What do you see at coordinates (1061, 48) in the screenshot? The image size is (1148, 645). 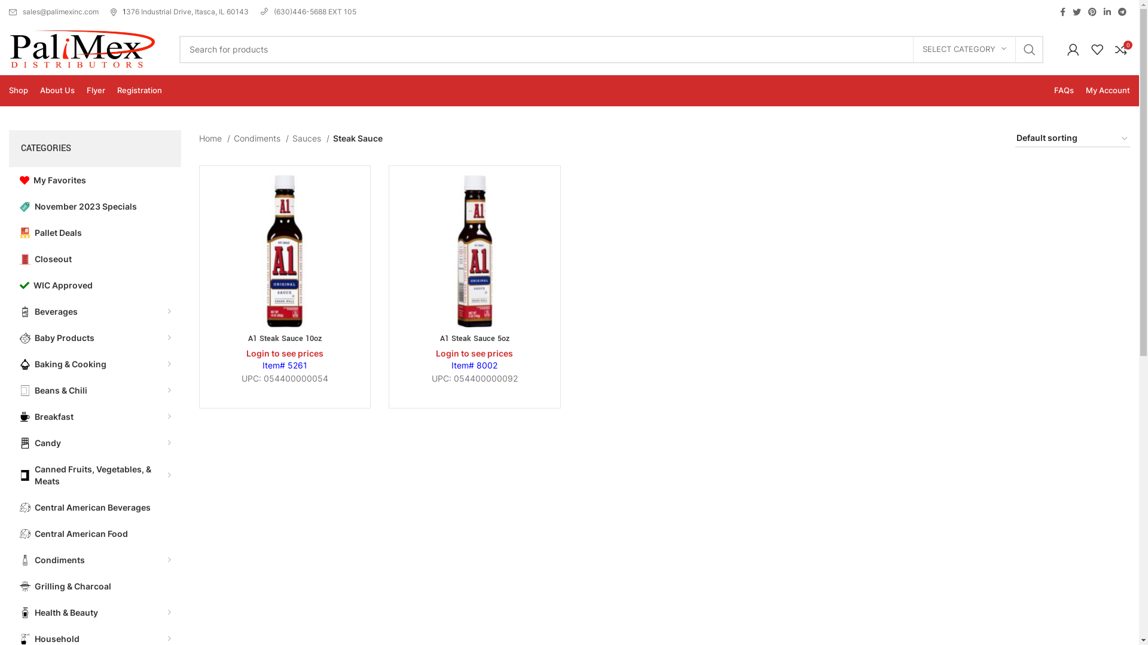 I see `'My account'` at bounding box center [1061, 48].